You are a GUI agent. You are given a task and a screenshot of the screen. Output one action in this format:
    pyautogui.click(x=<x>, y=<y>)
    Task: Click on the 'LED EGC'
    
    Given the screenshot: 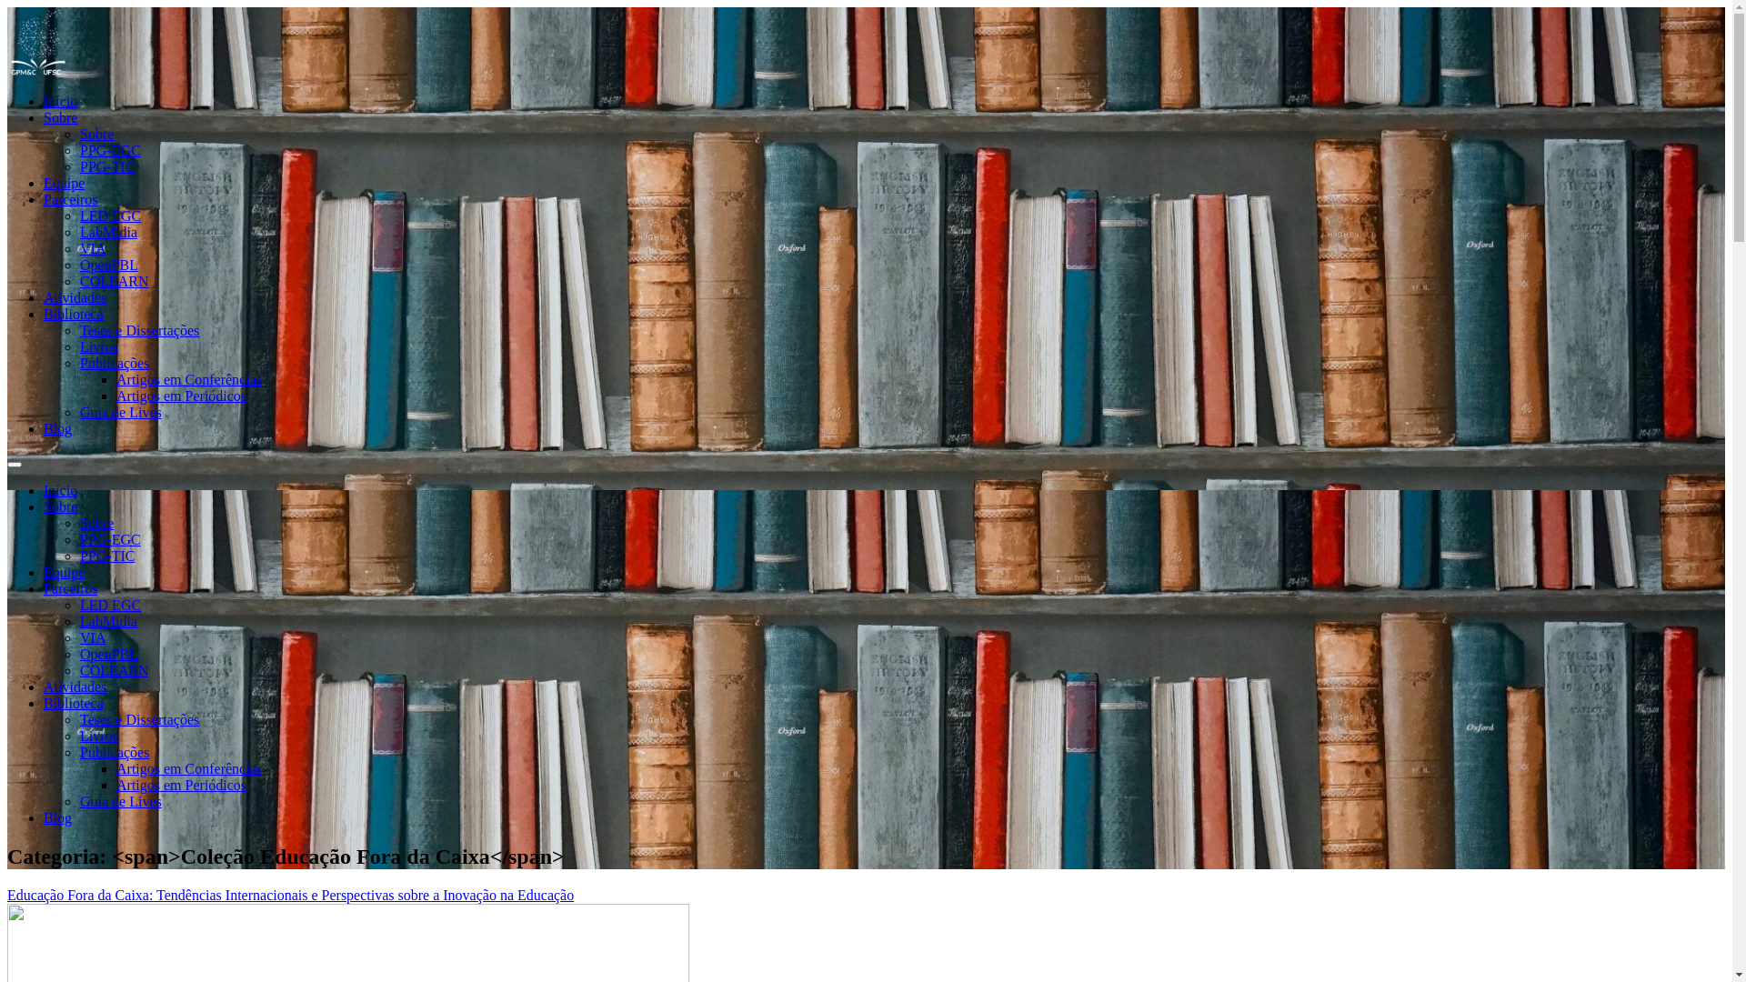 What is the action you would take?
    pyautogui.click(x=109, y=605)
    